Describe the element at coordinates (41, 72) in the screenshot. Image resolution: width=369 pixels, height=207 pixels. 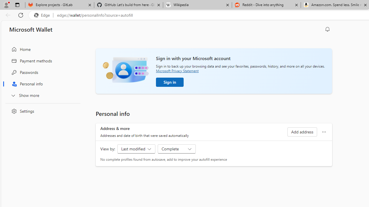
I see `'Passwords'` at that location.